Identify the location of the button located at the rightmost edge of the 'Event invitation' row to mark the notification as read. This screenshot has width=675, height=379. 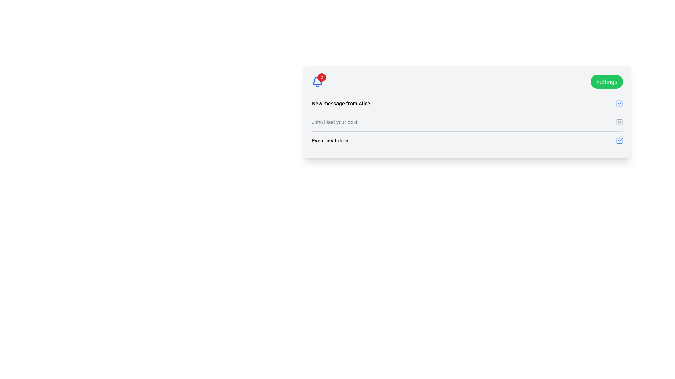
(619, 141).